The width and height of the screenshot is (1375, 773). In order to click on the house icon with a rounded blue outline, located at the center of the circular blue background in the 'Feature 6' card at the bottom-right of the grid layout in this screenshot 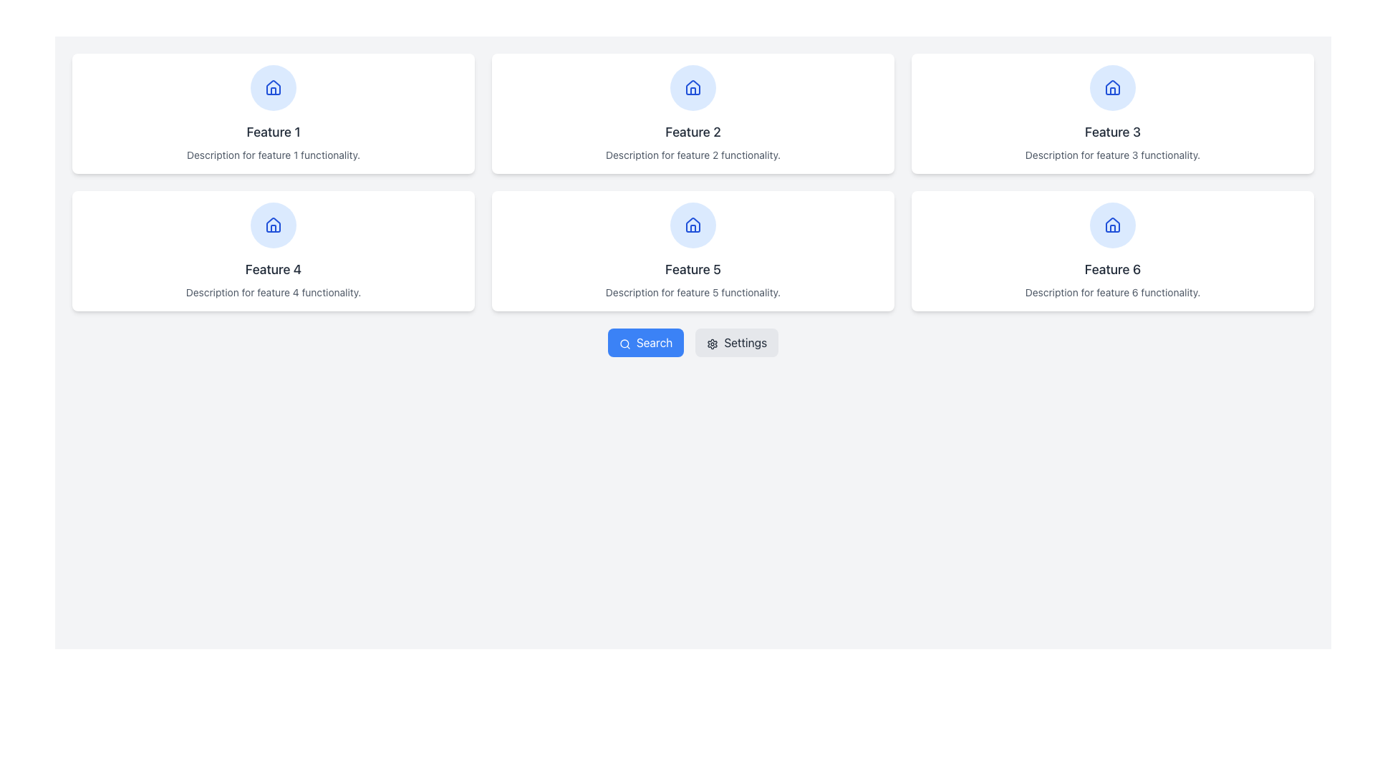, I will do `click(1112, 225)`.